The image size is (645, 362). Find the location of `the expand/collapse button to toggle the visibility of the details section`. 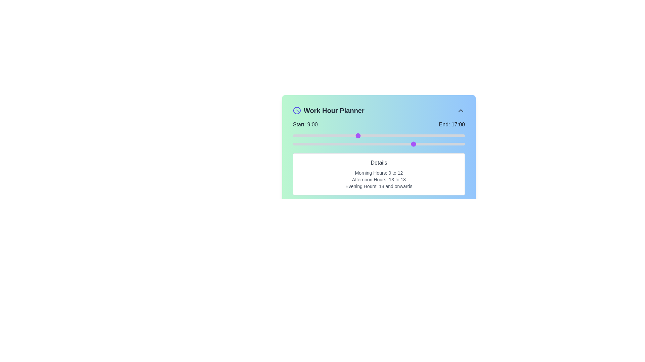

the expand/collapse button to toggle the visibility of the details section is located at coordinates (461, 110).